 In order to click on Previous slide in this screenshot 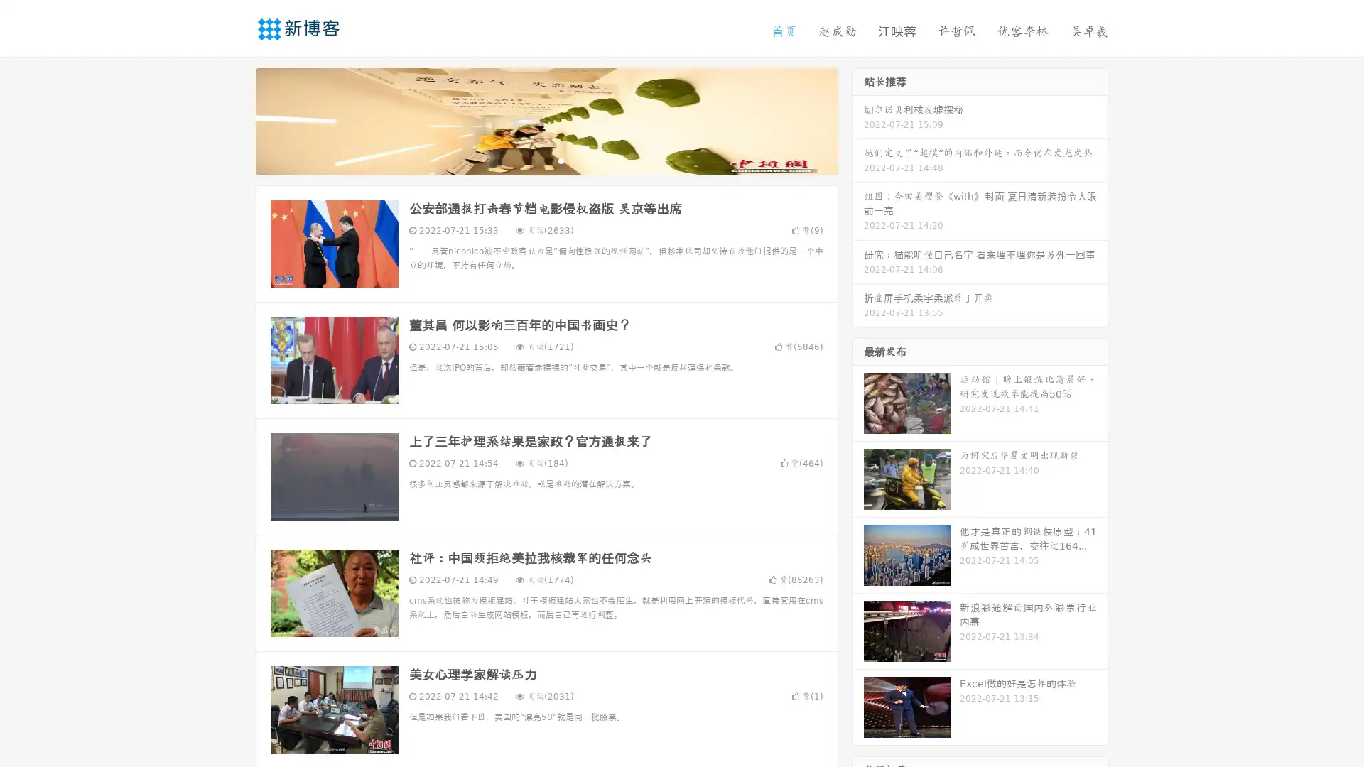, I will do `click(234, 119)`.